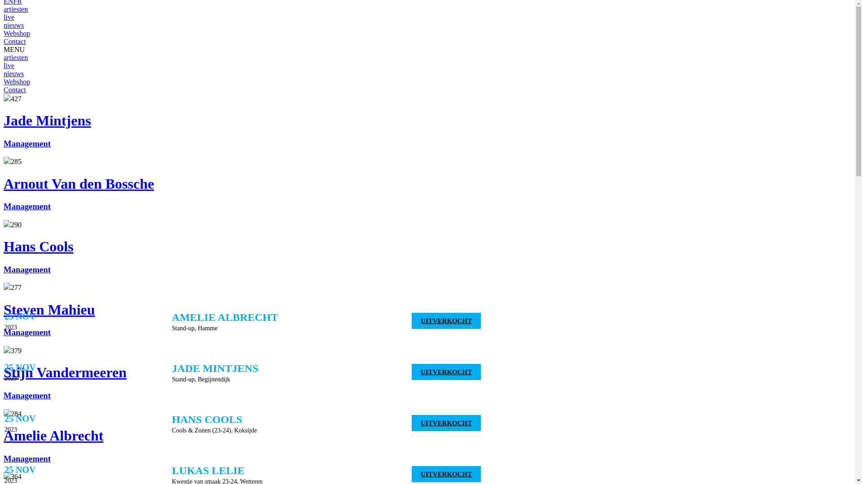 The image size is (862, 484). Describe the element at coordinates (446, 320) in the screenshot. I see `'UITVERKOCHT'` at that location.